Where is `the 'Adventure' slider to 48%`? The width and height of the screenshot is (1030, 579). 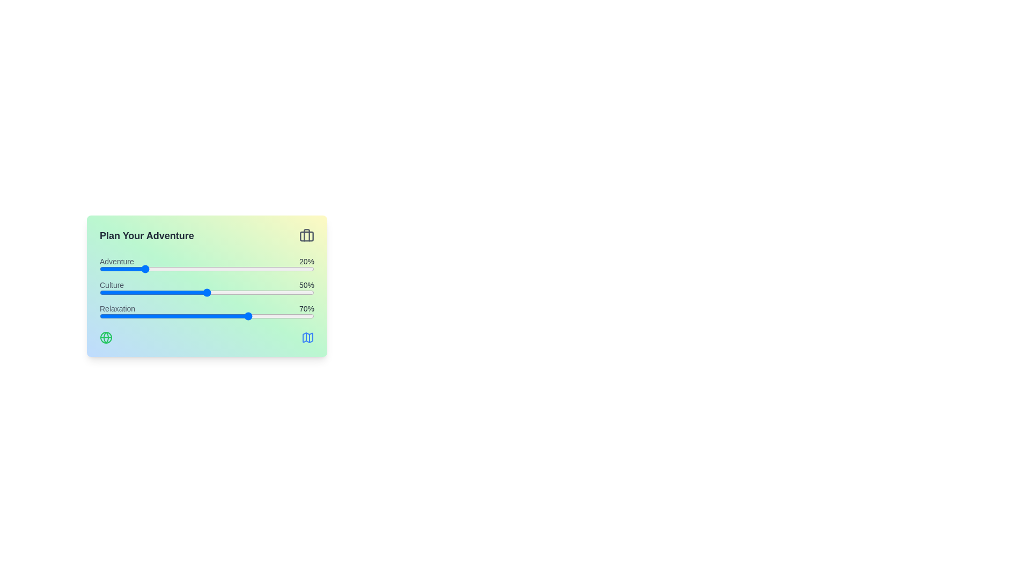 the 'Adventure' slider to 48% is located at coordinates (203, 268).